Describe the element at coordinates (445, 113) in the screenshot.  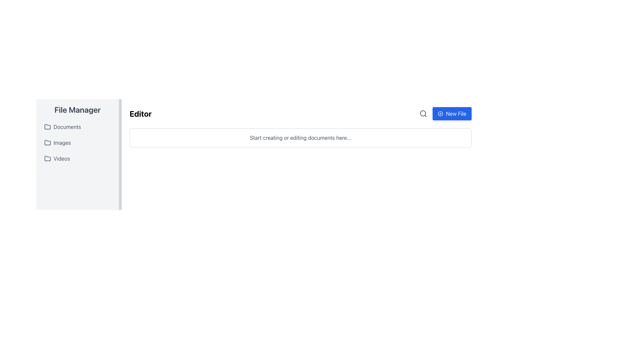
I see `the blue rounded rectangular button labeled 'New File' to create a new file` at that location.